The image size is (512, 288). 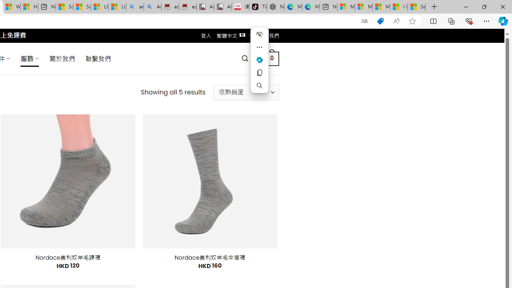 What do you see at coordinates (272, 58) in the screenshot?
I see `'  0  '` at bounding box center [272, 58].